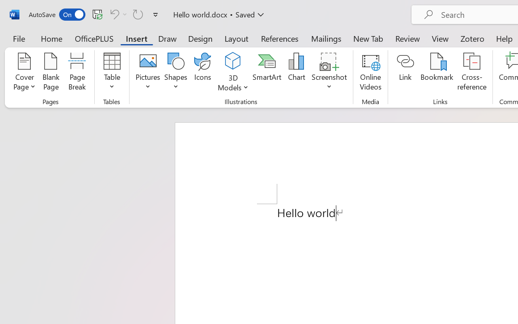  I want to click on 'AutoSave', so click(56, 14).